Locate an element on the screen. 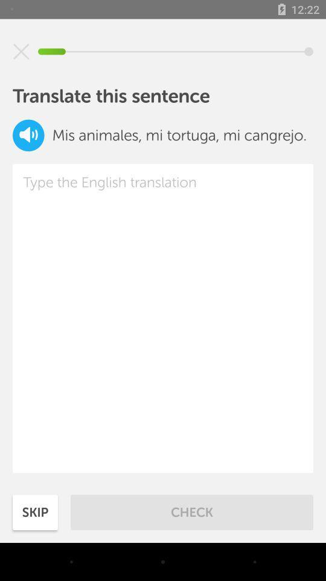 Image resolution: width=326 pixels, height=581 pixels. type the english translation is located at coordinates (163, 318).